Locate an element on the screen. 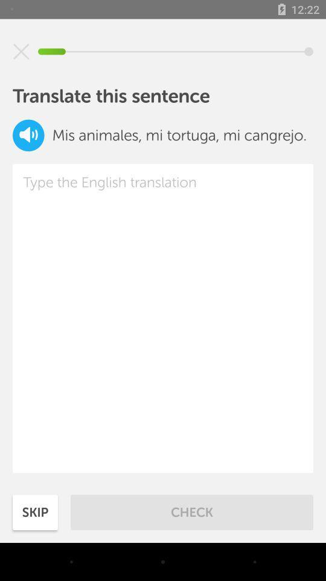 Image resolution: width=326 pixels, height=581 pixels. type the english translation is located at coordinates (163, 318).